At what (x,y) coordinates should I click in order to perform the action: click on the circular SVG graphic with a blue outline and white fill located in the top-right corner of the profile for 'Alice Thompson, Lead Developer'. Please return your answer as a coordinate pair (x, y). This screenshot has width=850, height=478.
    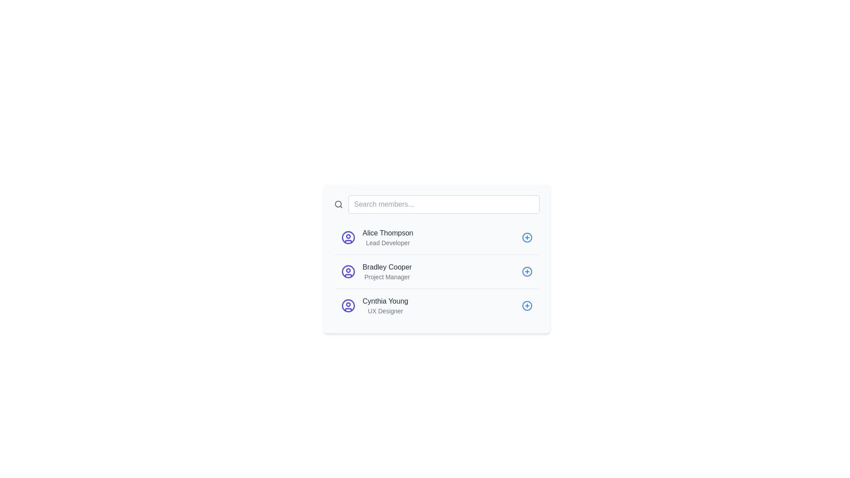
    Looking at the image, I should click on (527, 237).